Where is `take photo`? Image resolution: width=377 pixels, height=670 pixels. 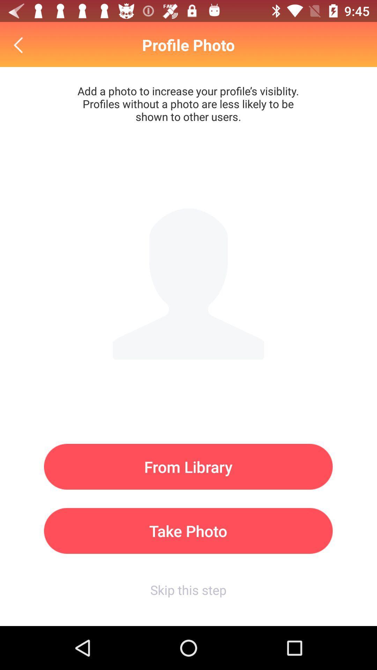
take photo is located at coordinates (188, 530).